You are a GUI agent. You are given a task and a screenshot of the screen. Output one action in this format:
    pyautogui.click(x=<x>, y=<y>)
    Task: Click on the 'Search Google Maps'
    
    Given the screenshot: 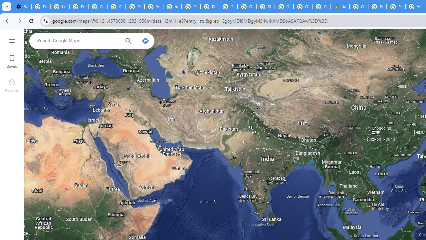 What is the action you would take?
    pyautogui.click(x=78, y=41)
    